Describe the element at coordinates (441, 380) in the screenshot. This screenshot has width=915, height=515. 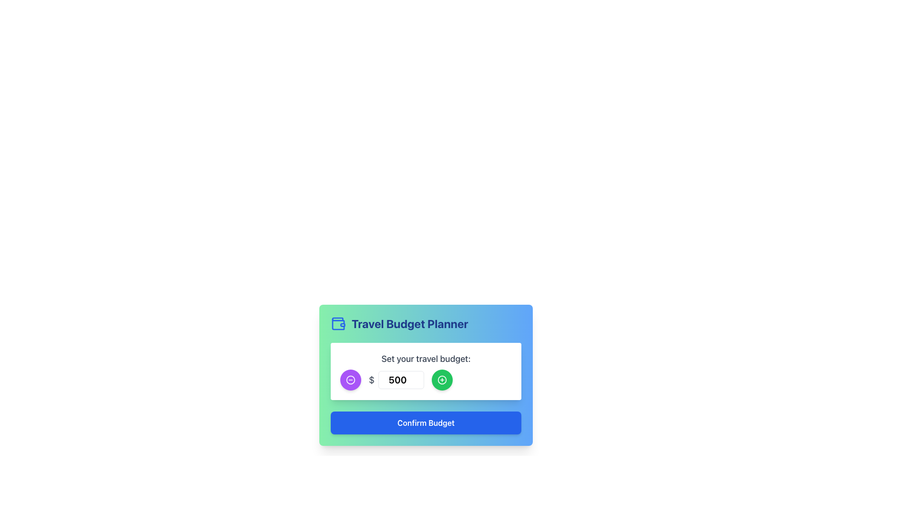
I see `the small circular green button with a plus sign icon` at that location.